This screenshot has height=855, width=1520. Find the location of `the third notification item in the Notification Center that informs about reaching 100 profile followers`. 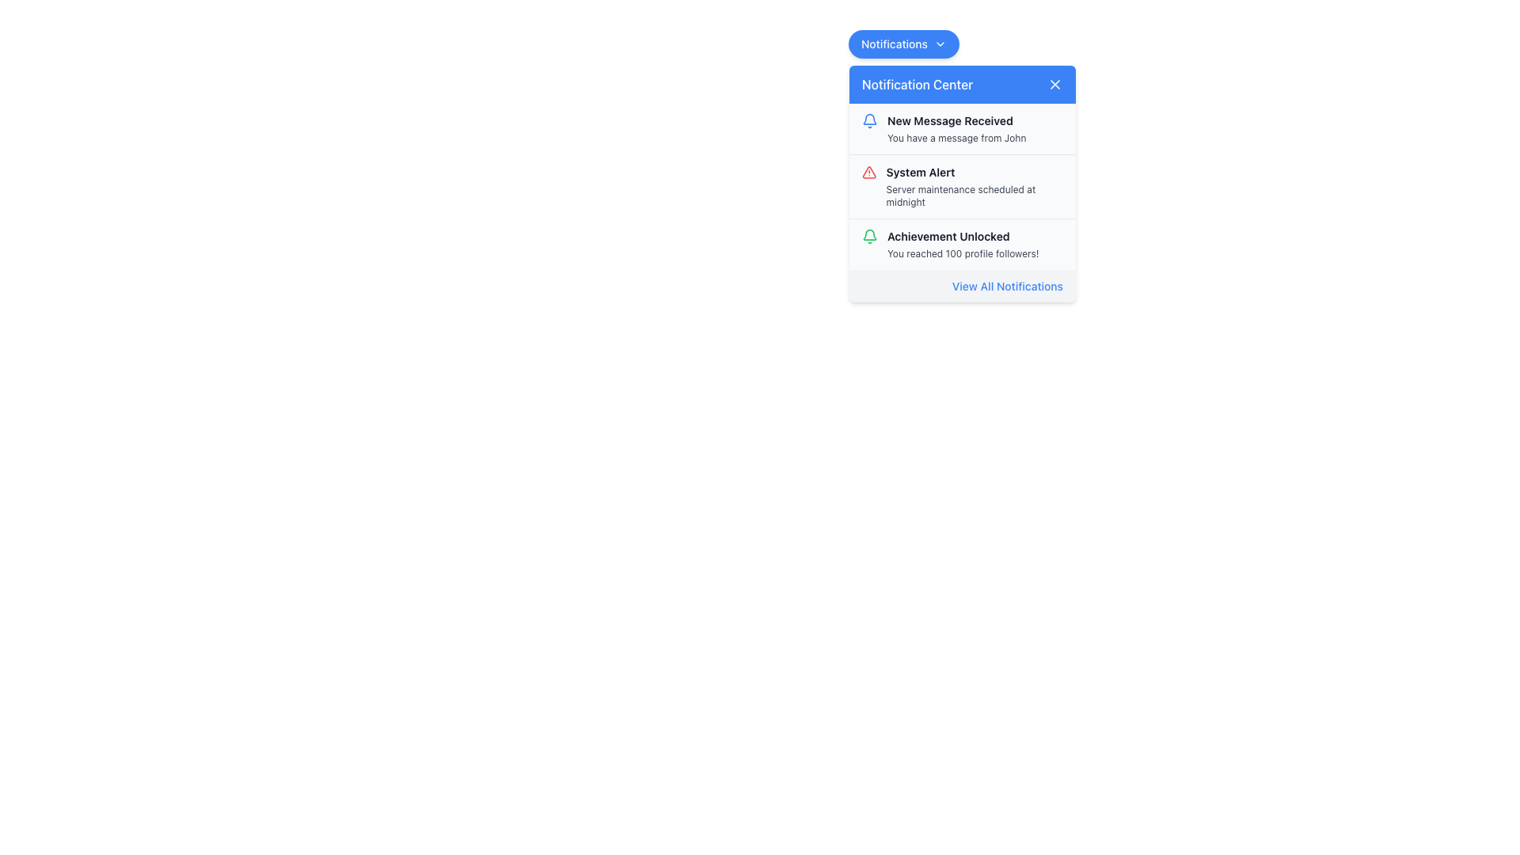

the third notification item in the Notification Center that informs about reaching 100 profile followers is located at coordinates (962, 244).